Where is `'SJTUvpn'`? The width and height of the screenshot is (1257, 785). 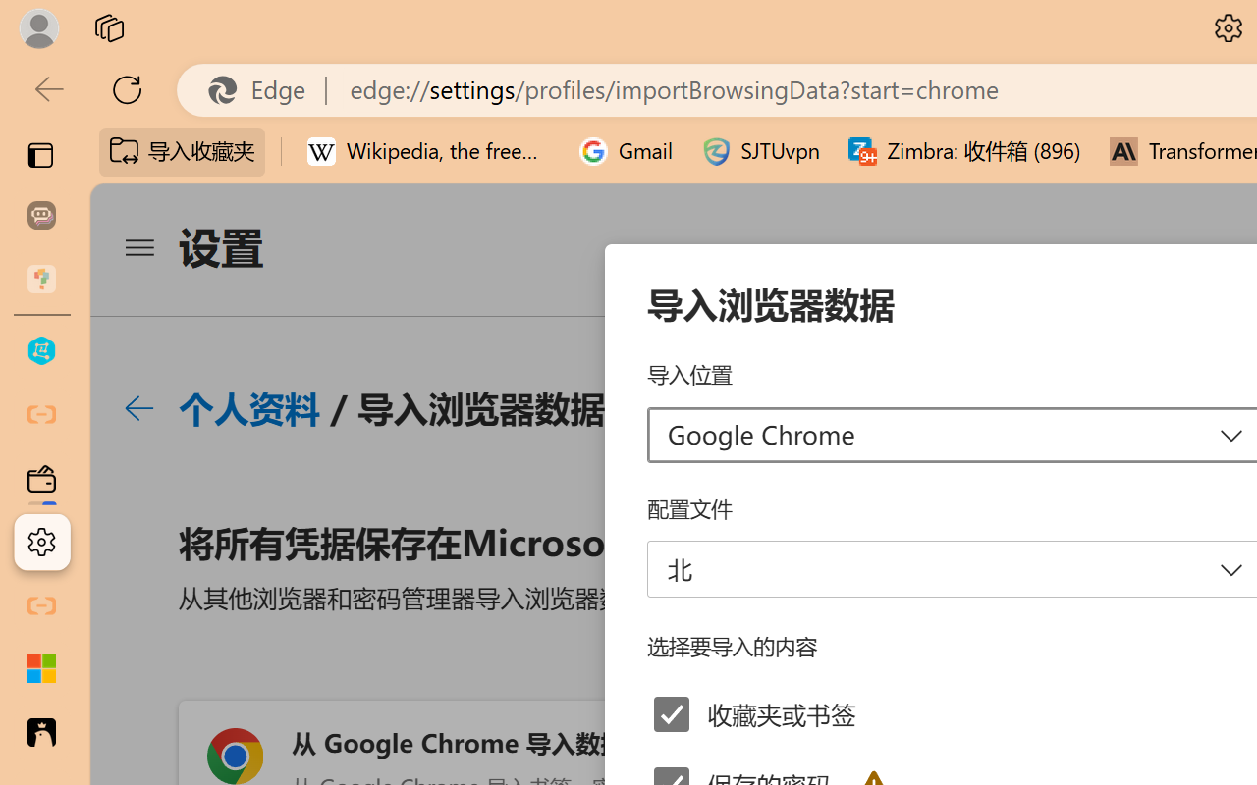 'SJTUvpn' is located at coordinates (759, 151).